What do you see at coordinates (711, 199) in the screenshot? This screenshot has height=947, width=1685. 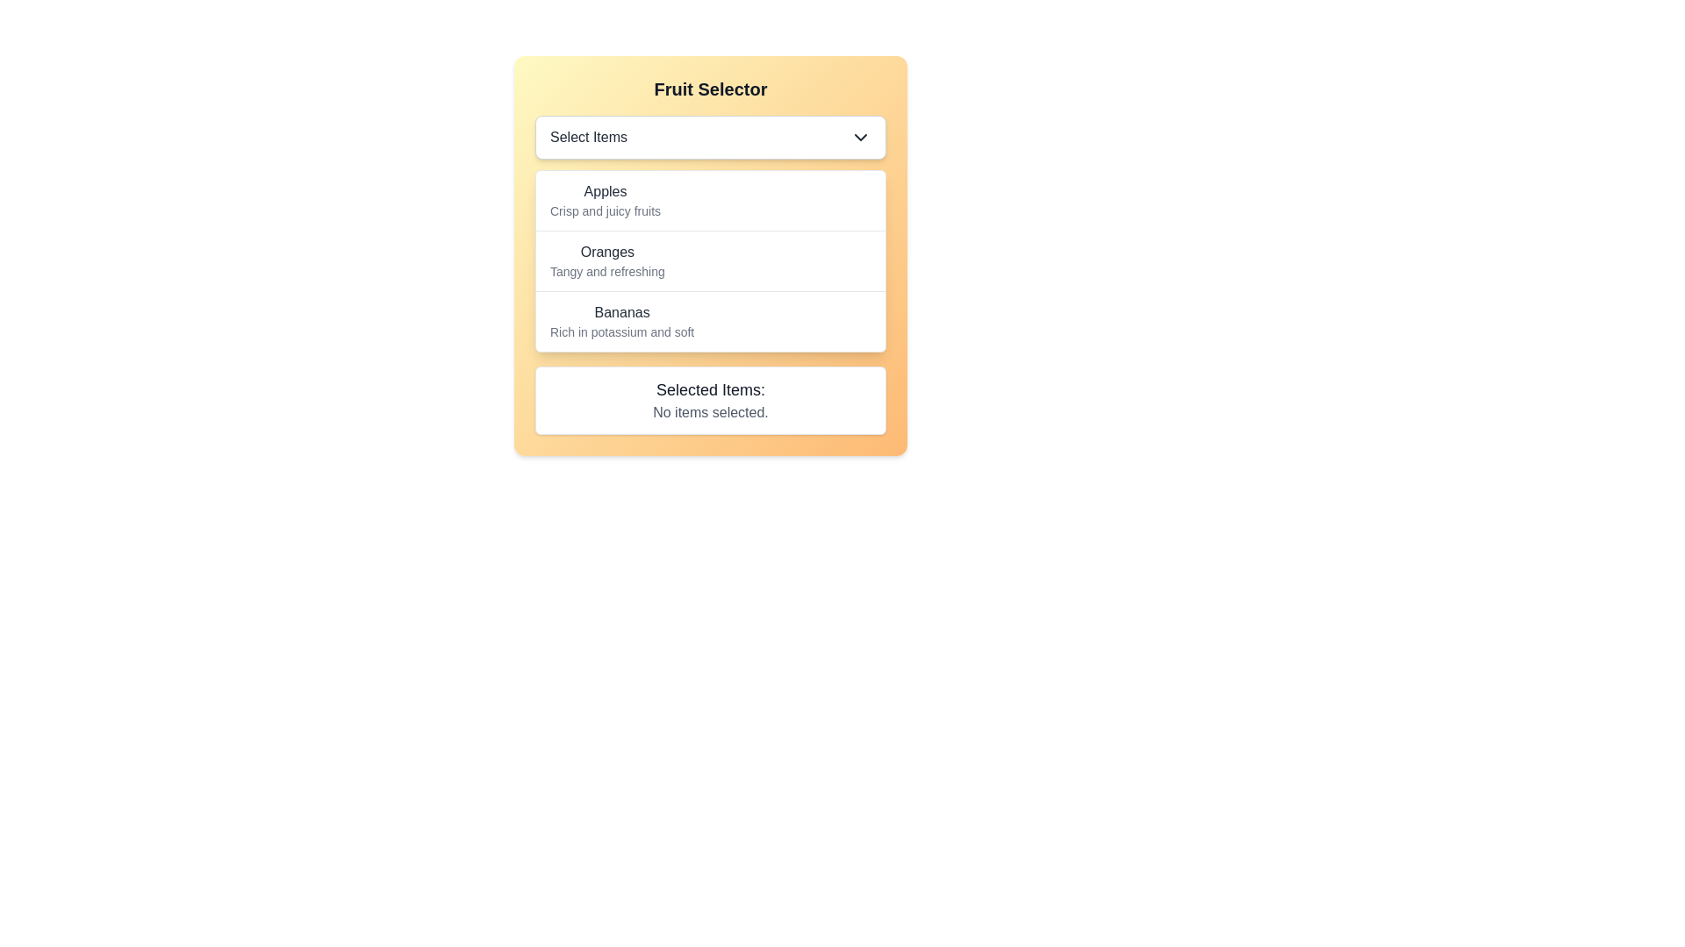 I see `the first list item labeled 'Apples'` at bounding box center [711, 199].